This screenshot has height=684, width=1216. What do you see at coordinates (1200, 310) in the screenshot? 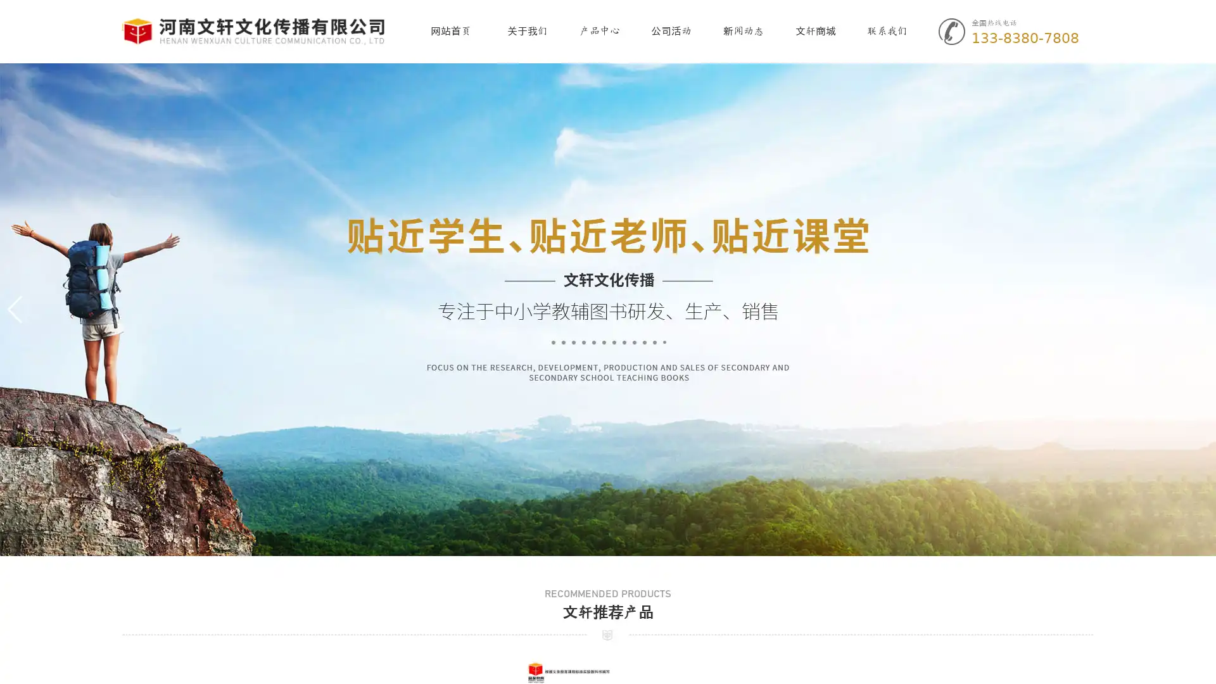
I see `Next slide` at bounding box center [1200, 310].